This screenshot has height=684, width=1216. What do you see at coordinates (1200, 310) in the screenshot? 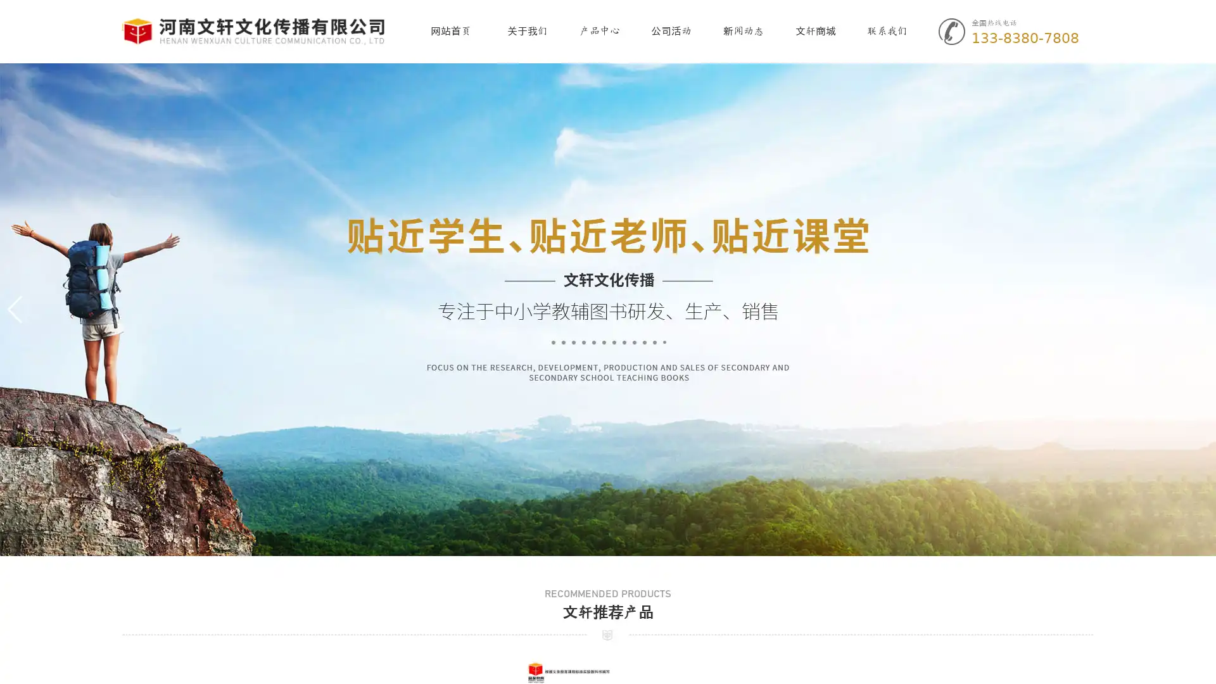
I see `Next slide` at bounding box center [1200, 310].